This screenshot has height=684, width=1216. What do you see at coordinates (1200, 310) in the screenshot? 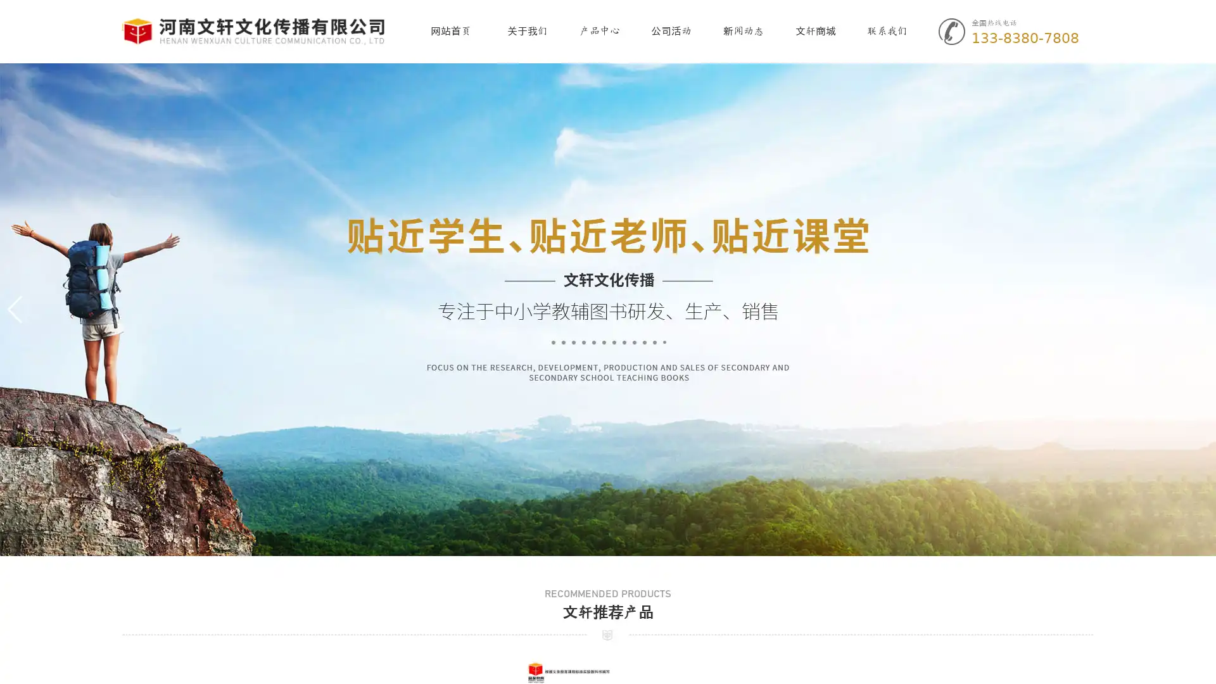
I see `Next slide` at bounding box center [1200, 310].